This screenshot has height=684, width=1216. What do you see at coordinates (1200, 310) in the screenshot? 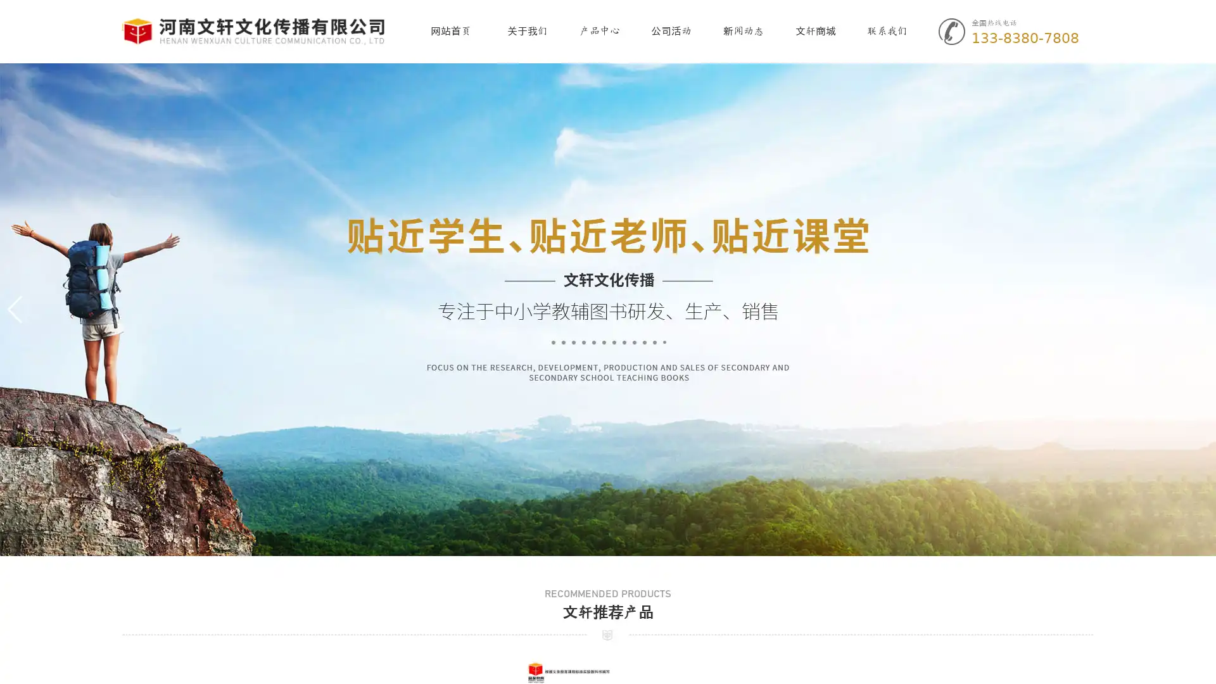
I see `Next slide` at bounding box center [1200, 310].